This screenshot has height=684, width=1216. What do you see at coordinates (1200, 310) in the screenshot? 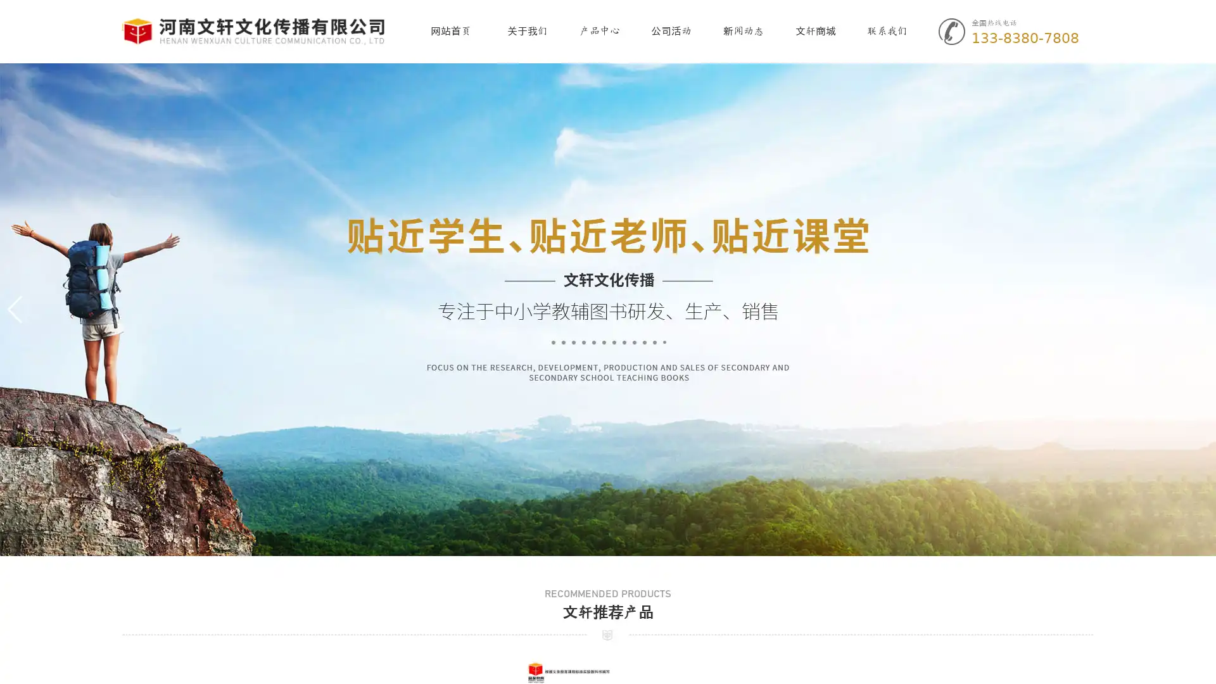
I see `Next slide` at bounding box center [1200, 310].